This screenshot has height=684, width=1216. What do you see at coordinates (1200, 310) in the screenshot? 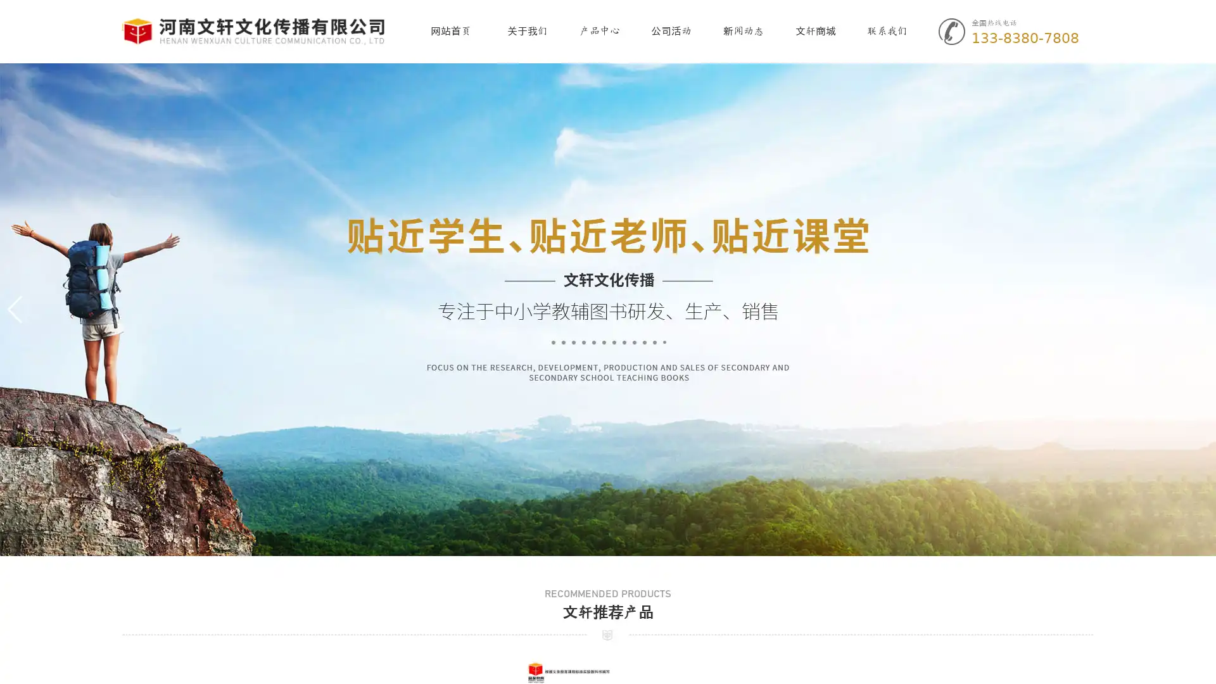
I see `Next slide` at bounding box center [1200, 310].